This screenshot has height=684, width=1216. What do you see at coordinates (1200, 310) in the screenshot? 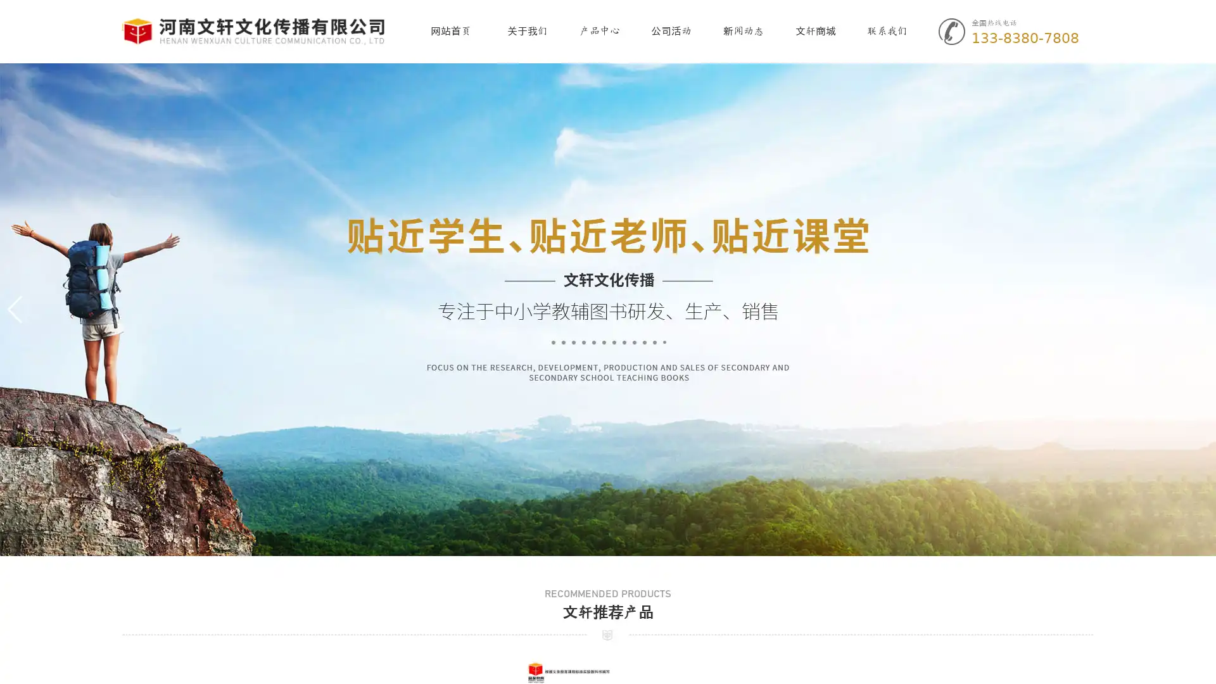
I see `Next slide` at bounding box center [1200, 310].